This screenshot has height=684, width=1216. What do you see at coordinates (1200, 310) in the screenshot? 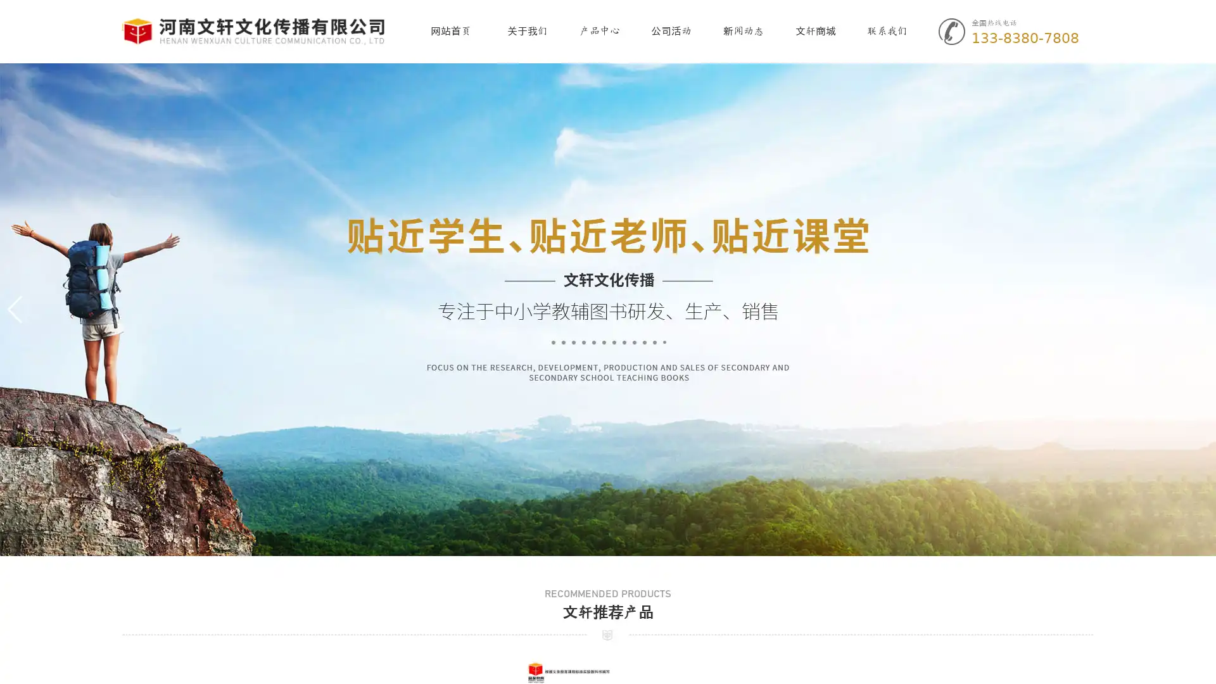
I see `Next slide` at bounding box center [1200, 310].